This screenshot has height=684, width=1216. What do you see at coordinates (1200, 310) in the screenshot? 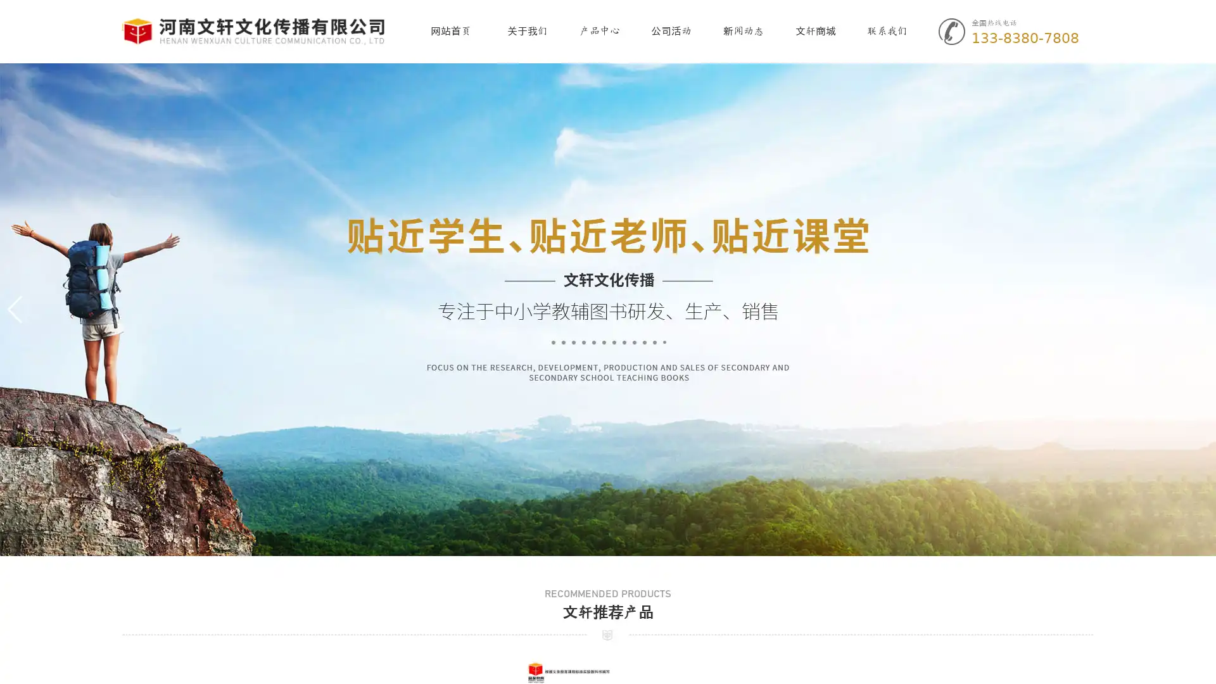
I see `Next slide` at bounding box center [1200, 310].